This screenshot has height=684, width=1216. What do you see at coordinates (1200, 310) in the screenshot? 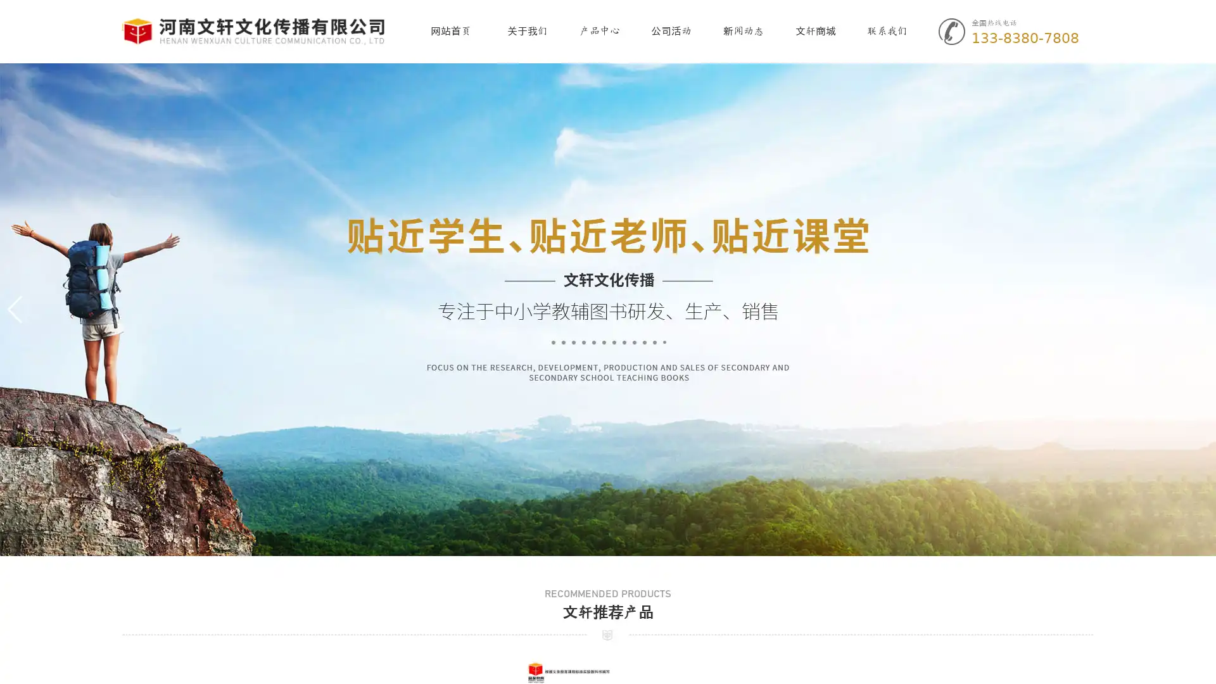
I see `Next slide` at bounding box center [1200, 310].